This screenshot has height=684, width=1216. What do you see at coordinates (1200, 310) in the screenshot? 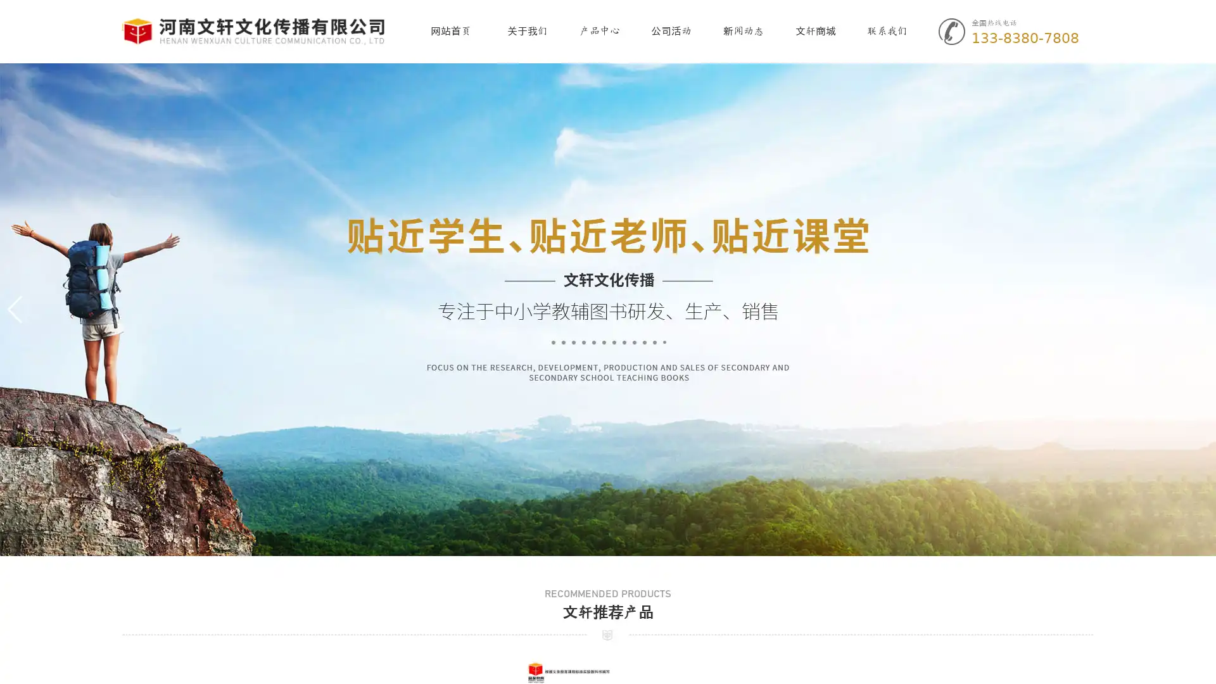
I see `Next slide` at bounding box center [1200, 310].